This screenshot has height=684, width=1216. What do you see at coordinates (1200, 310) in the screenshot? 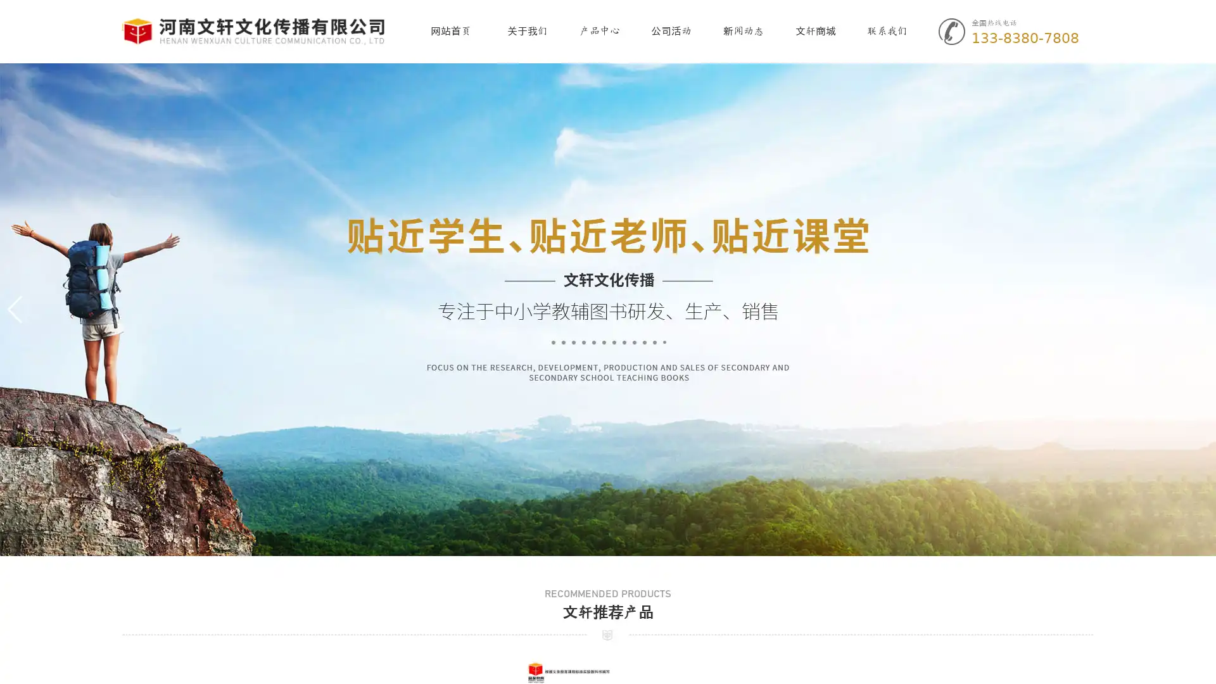
I see `Next slide` at bounding box center [1200, 310].